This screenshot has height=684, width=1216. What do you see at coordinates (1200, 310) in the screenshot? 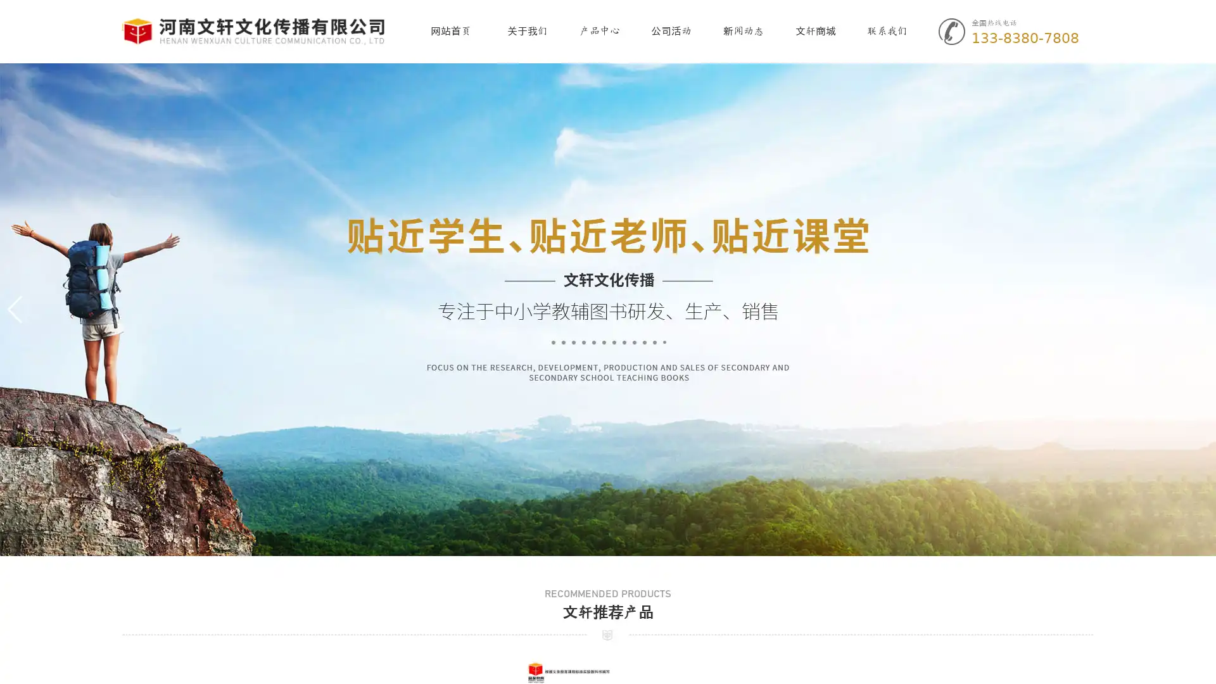
I see `Next slide` at bounding box center [1200, 310].